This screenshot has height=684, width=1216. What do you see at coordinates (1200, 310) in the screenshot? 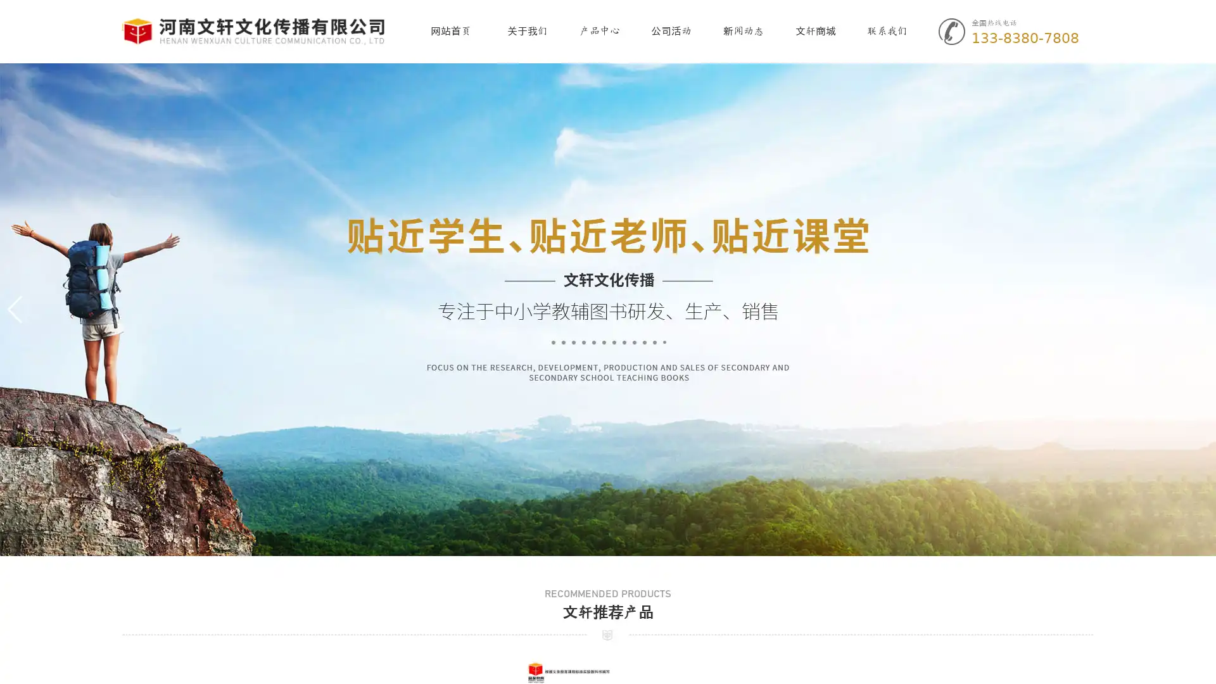
I see `Next slide` at bounding box center [1200, 310].